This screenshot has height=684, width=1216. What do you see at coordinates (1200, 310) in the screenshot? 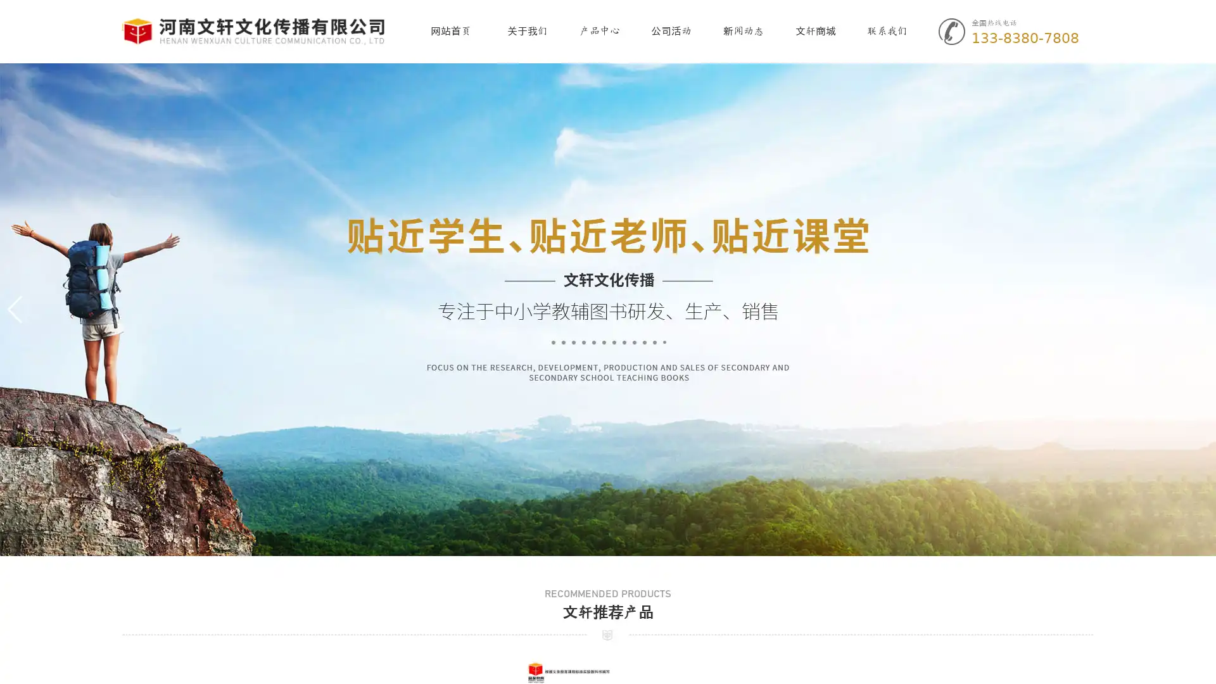
I see `Next slide` at bounding box center [1200, 310].